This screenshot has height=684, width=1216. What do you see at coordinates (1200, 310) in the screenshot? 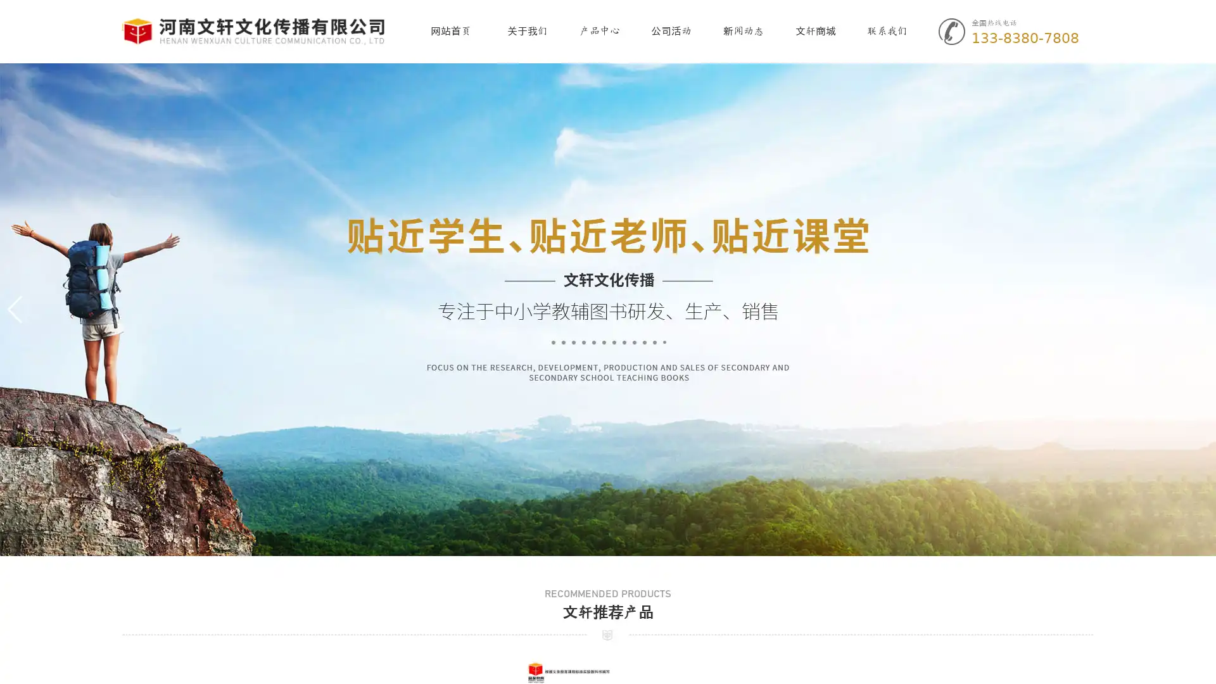
I see `Next slide` at bounding box center [1200, 310].